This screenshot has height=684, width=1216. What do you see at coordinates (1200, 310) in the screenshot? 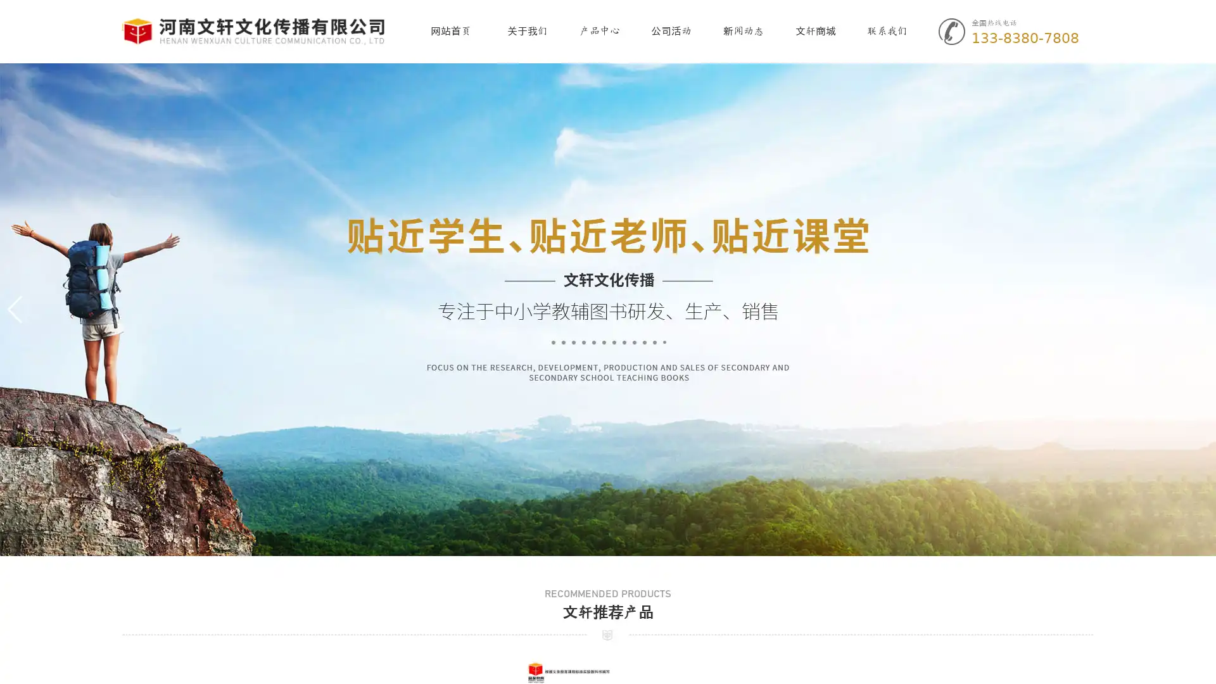
I see `Next slide` at bounding box center [1200, 310].